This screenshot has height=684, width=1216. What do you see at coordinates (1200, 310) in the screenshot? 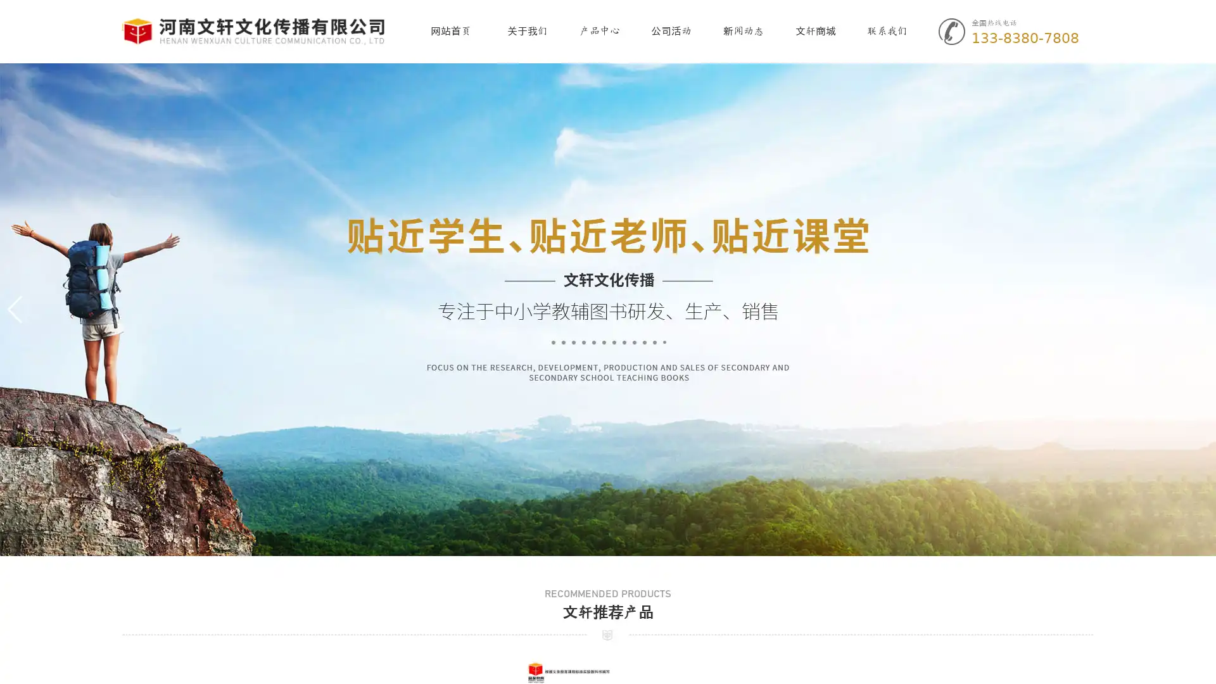
I see `Next slide` at bounding box center [1200, 310].